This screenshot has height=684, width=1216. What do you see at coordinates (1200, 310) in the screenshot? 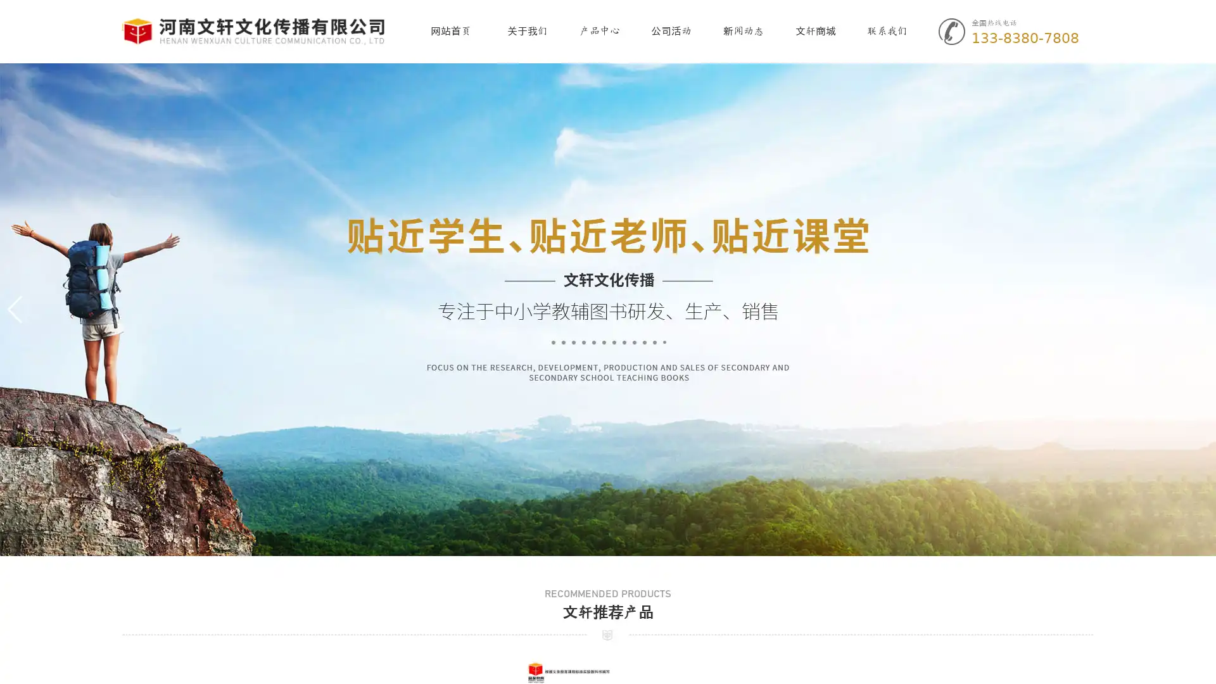
I see `Next slide` at bounding box center [1200, 310].